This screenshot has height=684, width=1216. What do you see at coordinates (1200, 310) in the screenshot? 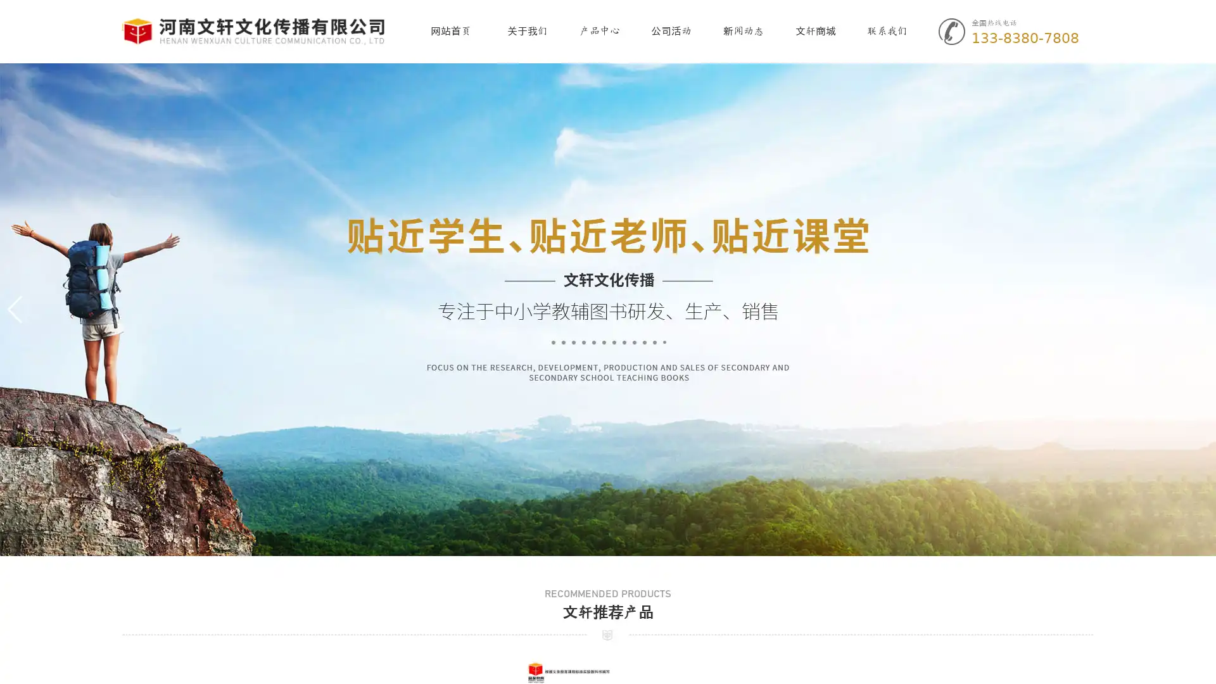
I see `Next slide` at bounding box center [1200, 310].